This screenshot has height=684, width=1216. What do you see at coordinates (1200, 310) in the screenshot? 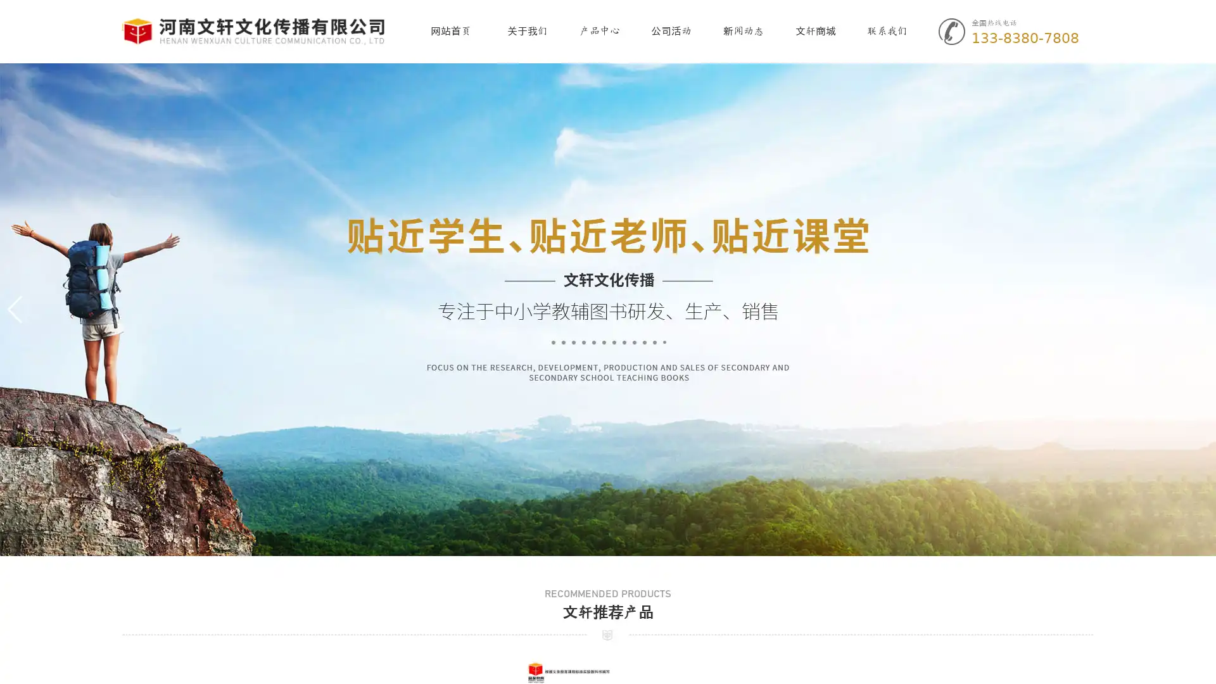
I see `Next slide` at bounding box center [1200, 310].